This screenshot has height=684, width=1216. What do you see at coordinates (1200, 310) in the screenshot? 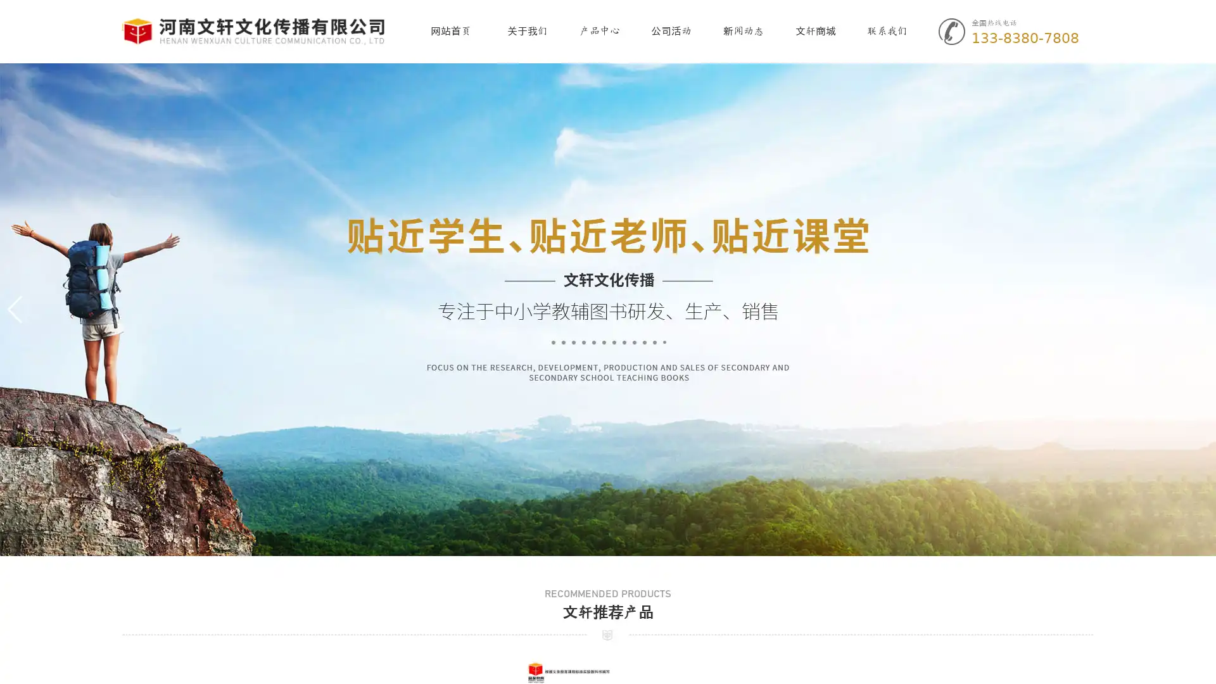
I see `Next slide` at bounding box center [1200, 310].